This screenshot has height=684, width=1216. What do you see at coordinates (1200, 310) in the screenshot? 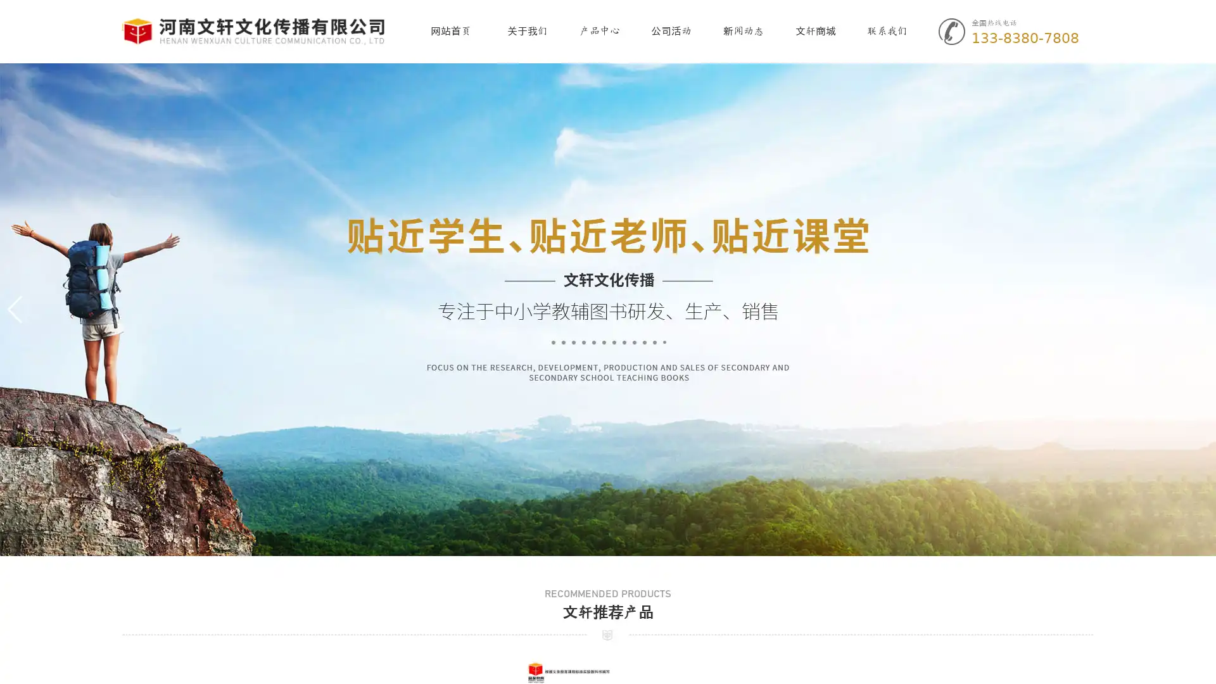
I see `Next slide` at bounding box center [1200, 310].